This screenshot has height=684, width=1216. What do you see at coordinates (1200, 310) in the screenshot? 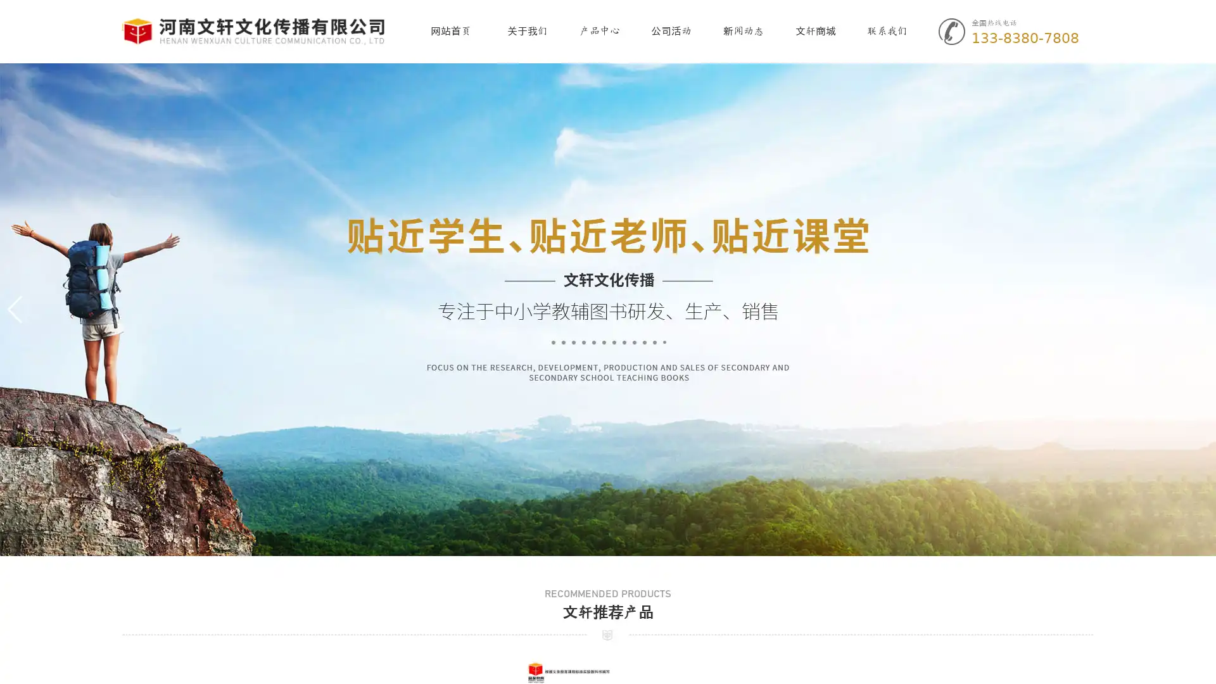
I see `Next slide` at bounding box center [1200, 310].